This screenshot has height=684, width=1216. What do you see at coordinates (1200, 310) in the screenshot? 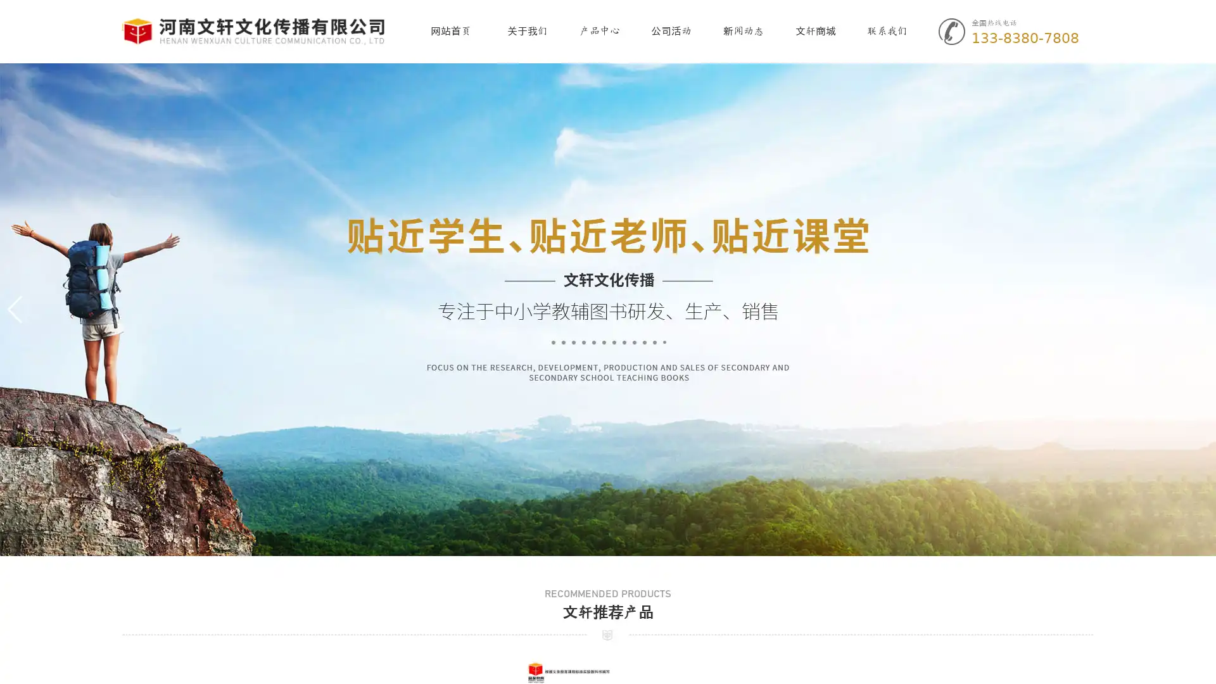
I see `Next slide` at bounding box center [1200, 310].